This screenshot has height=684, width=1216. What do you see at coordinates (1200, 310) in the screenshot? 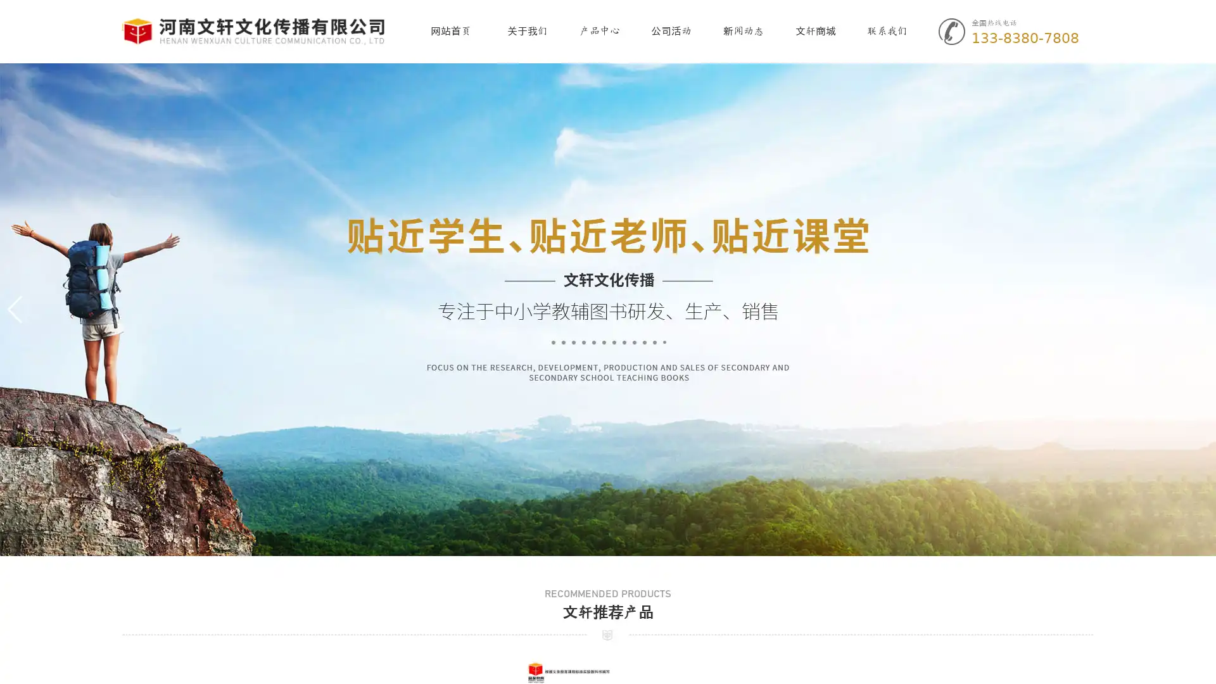
I see `Next slide` at bounding box center [1200, 310].